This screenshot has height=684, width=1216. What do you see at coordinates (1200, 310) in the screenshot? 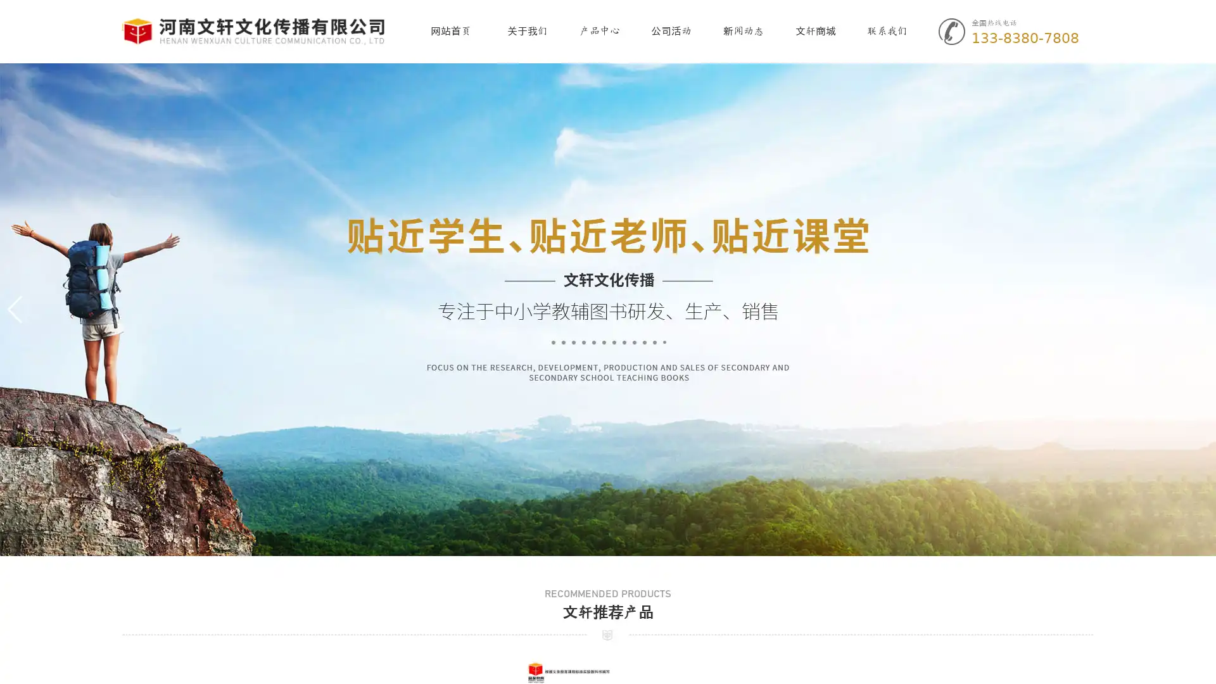
I see `Next slide` at bounding box center [1200, 310].